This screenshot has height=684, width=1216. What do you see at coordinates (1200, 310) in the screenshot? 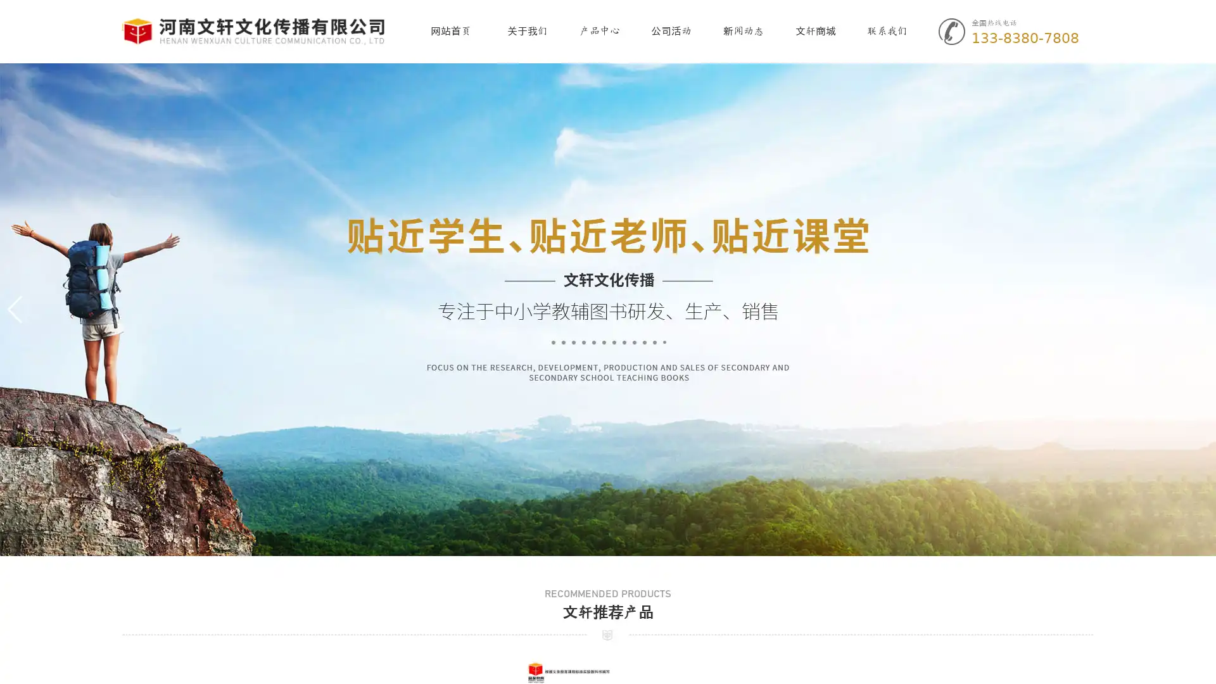
I see `Next slide` at bounding box center [1200, 310].